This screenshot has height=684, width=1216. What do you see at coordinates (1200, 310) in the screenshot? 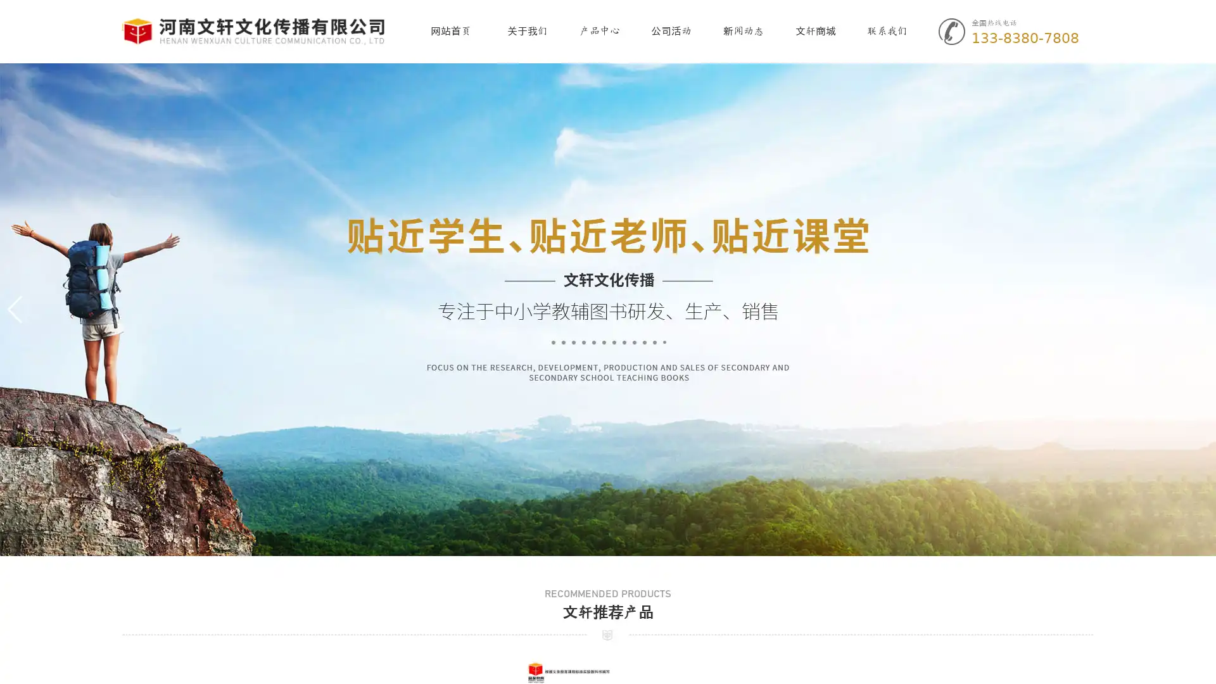
I see `Next slide` at bounding box center [1200, 310].